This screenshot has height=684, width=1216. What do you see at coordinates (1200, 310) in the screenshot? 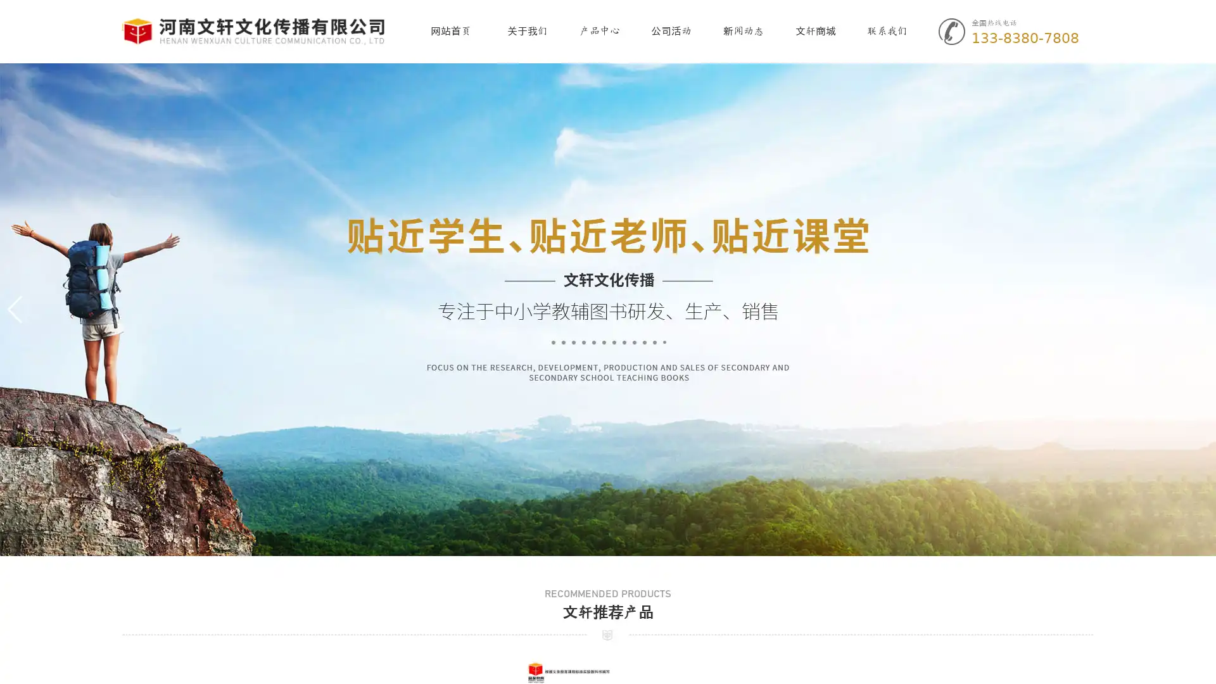
I see `Next slide` at bounding box center [1200, 310].